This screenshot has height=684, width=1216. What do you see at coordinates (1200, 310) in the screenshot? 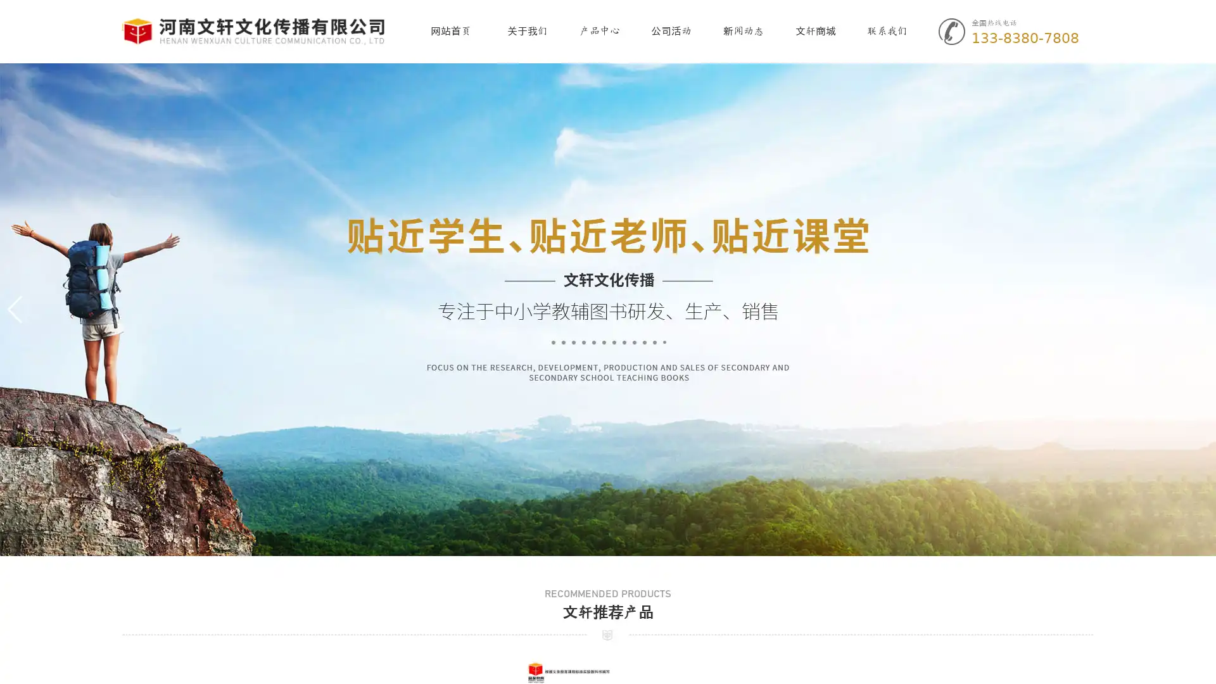
I see `Next slide` at bounding box center [1200, 310].